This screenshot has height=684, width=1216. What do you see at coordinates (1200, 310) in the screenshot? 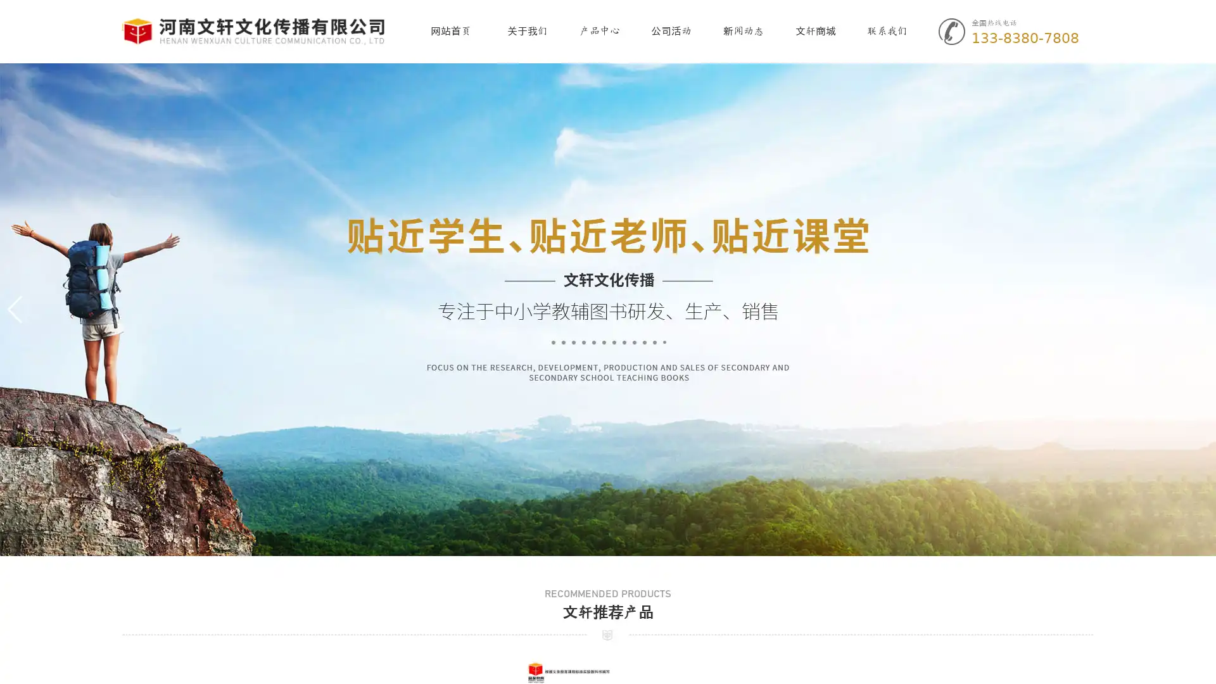
I see `Next slide` at bounding box center [1200, 310].